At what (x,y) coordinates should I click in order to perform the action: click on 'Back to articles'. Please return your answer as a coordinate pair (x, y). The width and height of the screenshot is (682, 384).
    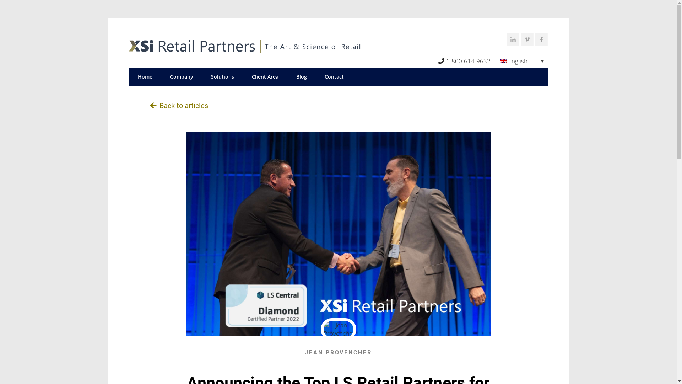
    Looking at the image, I should click on (179, 106).